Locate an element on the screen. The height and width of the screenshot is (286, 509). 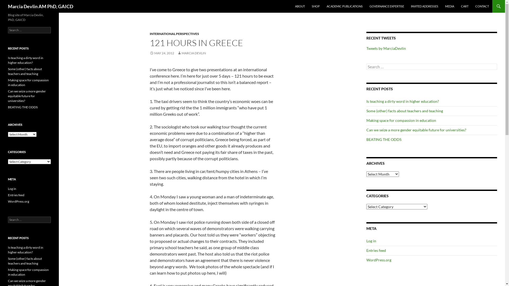
'MARCIA DEVLIN' is located at coordinates (191, 53).